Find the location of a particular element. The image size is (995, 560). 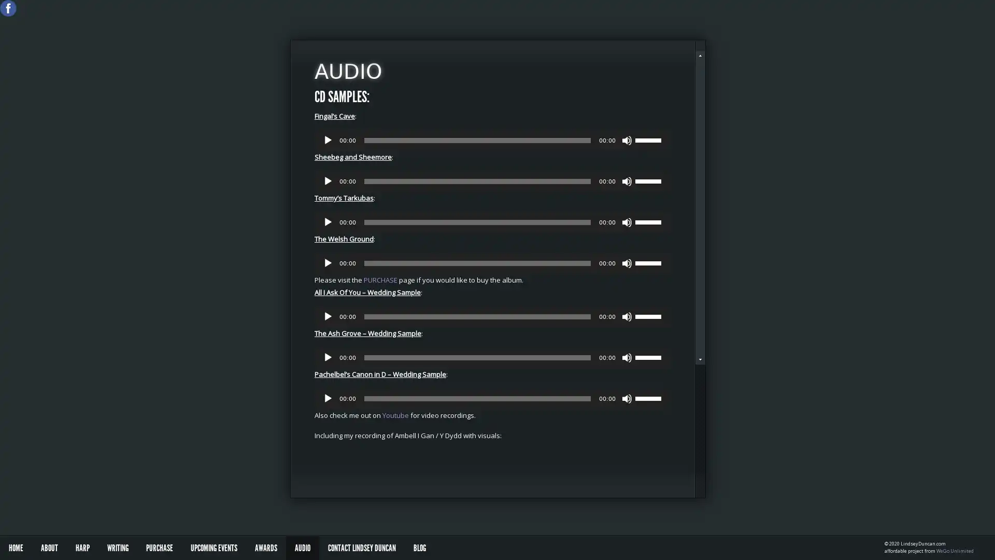

Mute is located at coordinates (626, 221).